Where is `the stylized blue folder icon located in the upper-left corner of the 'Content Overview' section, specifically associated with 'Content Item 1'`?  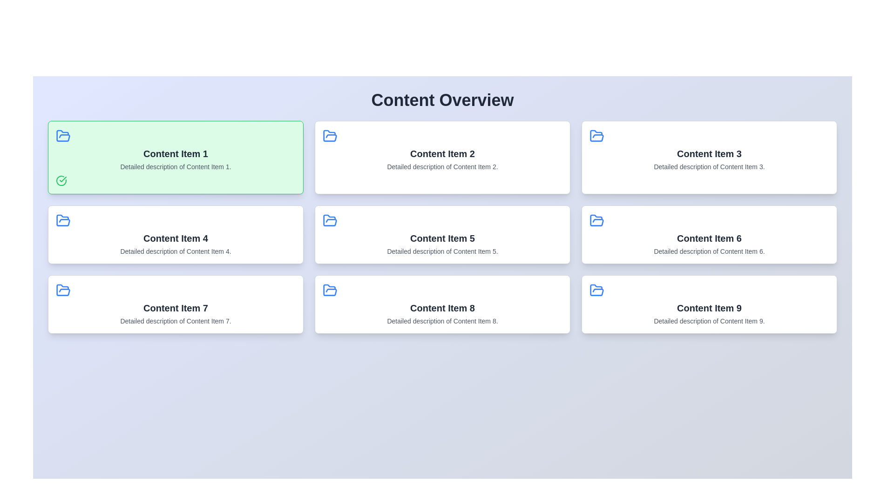 the stylized blue folder icon located in the upper-left corner of the 'Content Overview' section, specifically associated with 'Content Item 1' is located at coordinates (62, 136).